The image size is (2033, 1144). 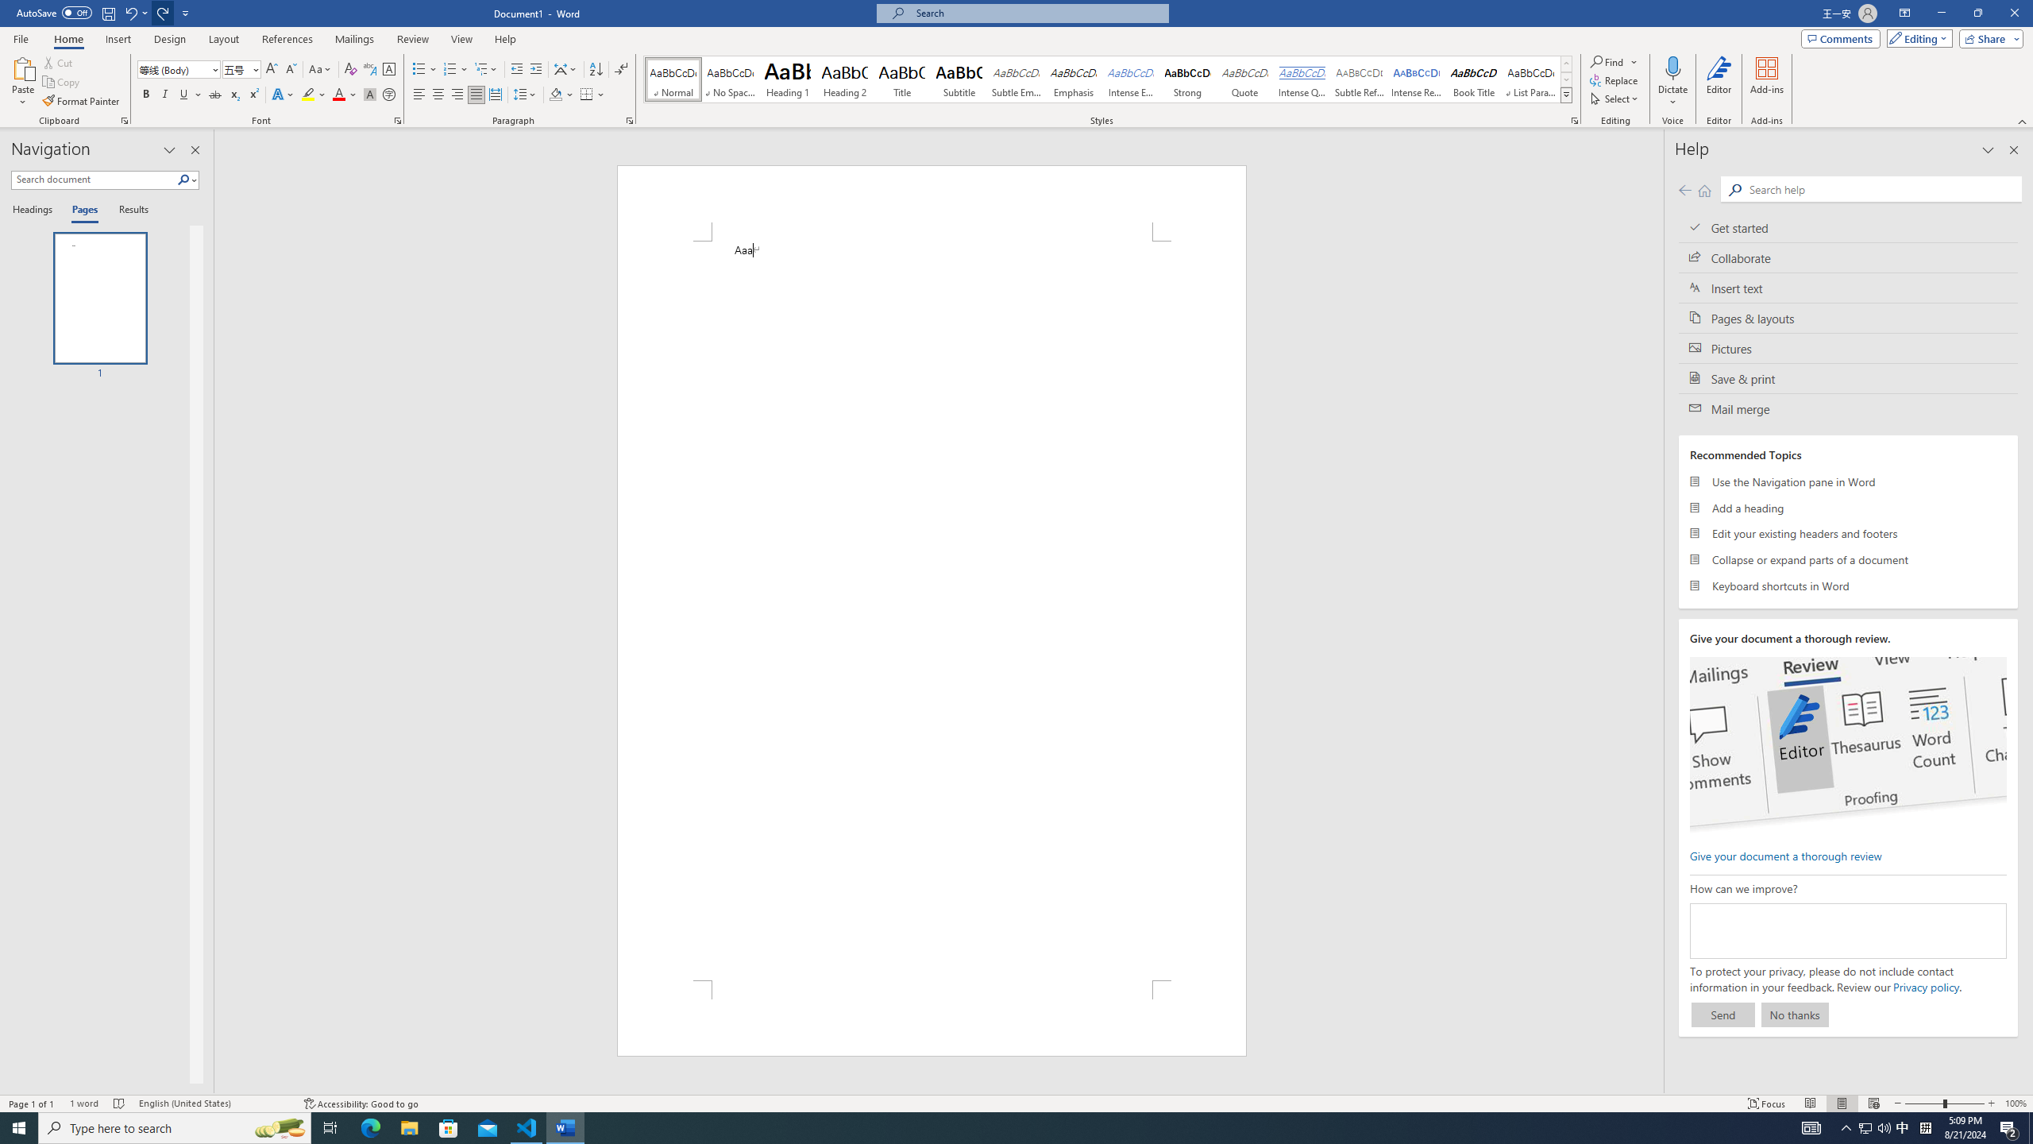 I want to click on 'Collaborate', so click(x=1848, y=257).